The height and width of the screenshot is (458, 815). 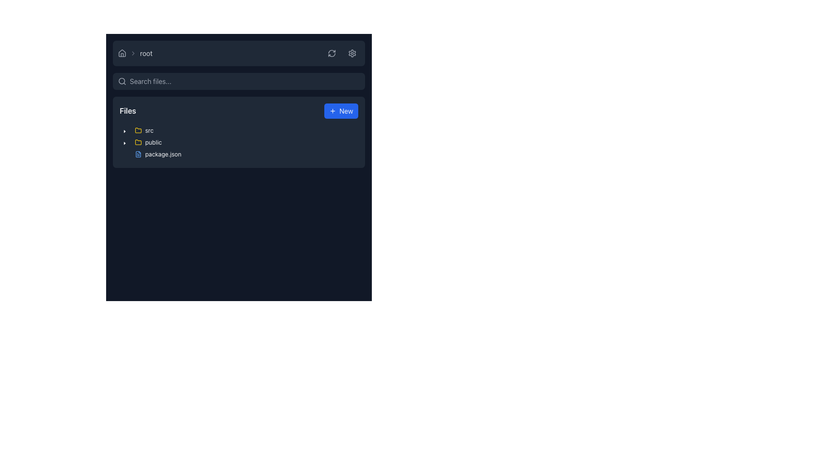 What do you see at coordinates (158, 154) in the screenshot?
I see `the list item representing the file entry 'package.json'` at bounding box center [158, 154].